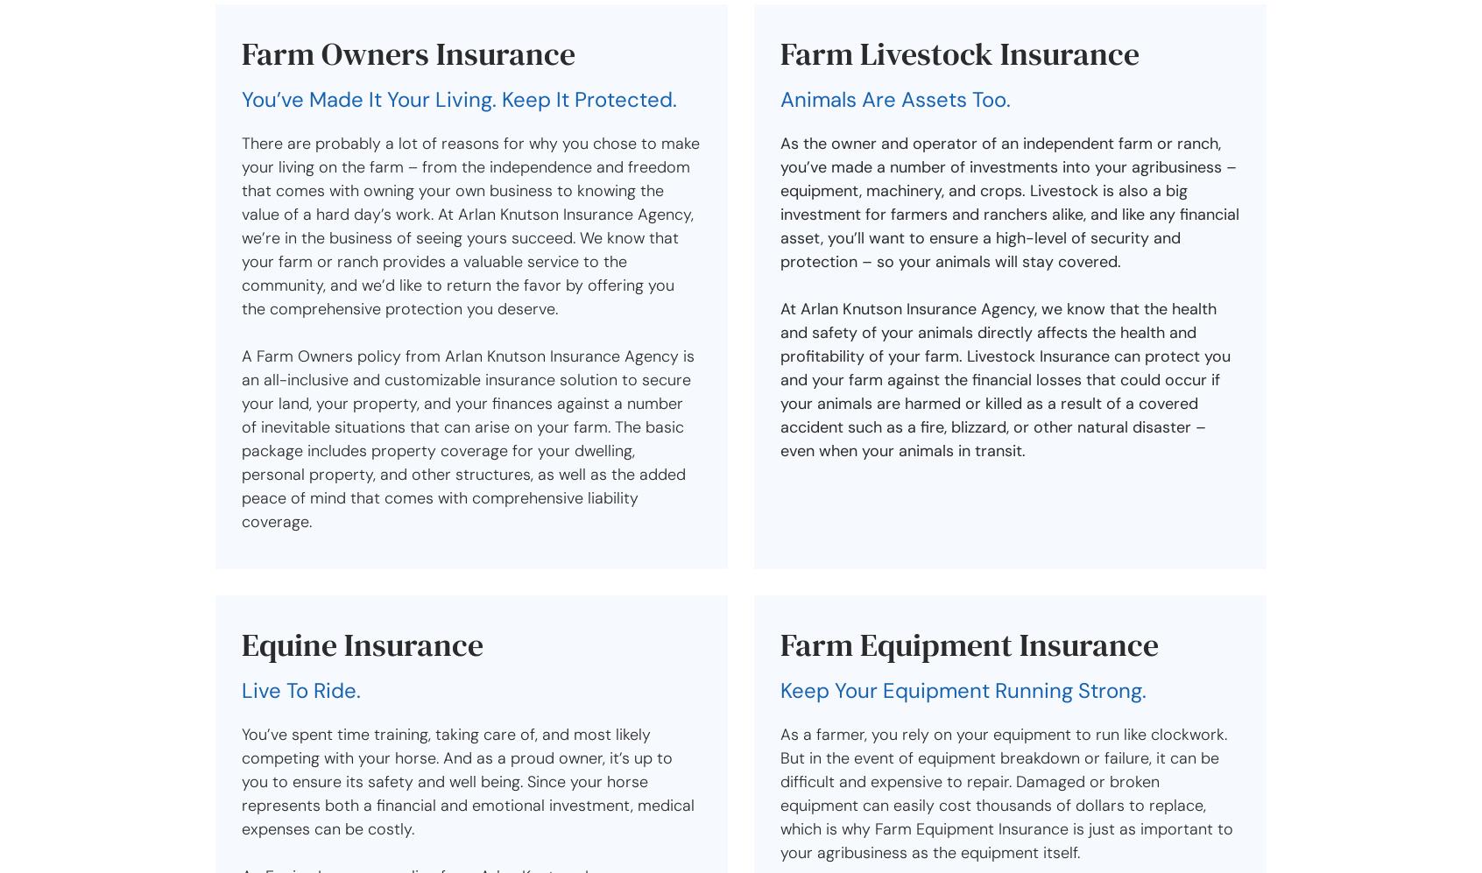 The width and height of the screenshot is (1482, 873). Describe the element at coordinates (1006, 792) in the screenshot. I see `'As a farmer, you rely on your equipment to run like clockwork. But in the event of equipment breakdown or failure, it can be difficult and expensive to repair. Damaged or broken equipment can easily cost thousands of dollars to replace, which is why Farm Equipment Insurance is just as important to your agribusiness as the equipment itself.'` at that location.